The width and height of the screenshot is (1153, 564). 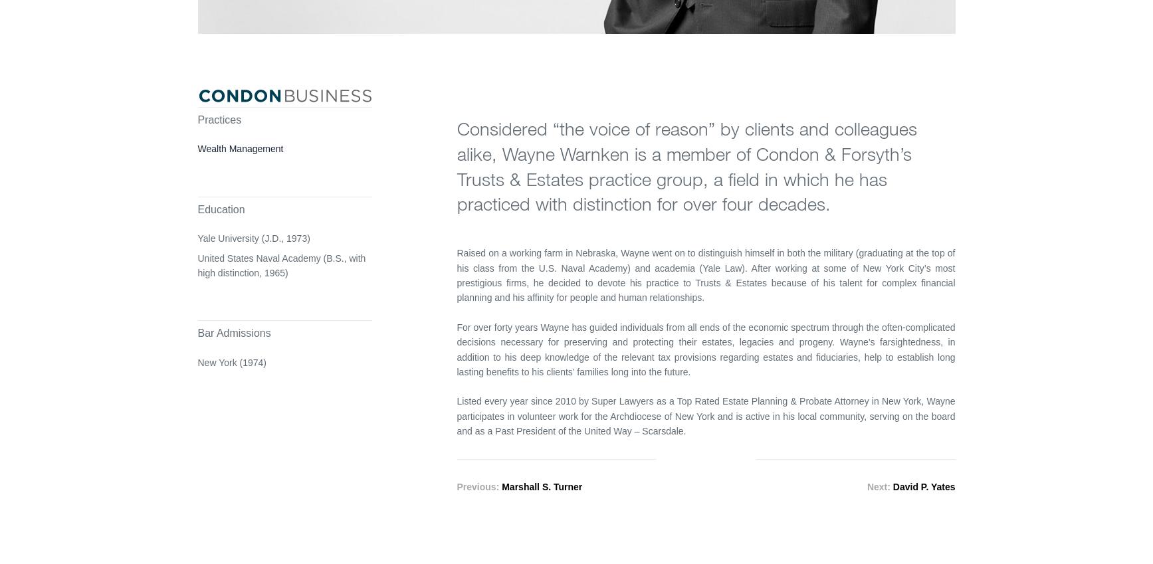 What do you see at coordinates (704, 349) in the screenshot?
I see `'For over forty years Wayne has guided individuals from all ends of the economic spectrum through the often-complicated decisions necessary for preserving and protecting their estates, legacies and progeny. Wayne’s farsightedness, in addition to his deep knowledge of the relevant tax provisions regarding estates and fiduciaries, help to establish long lasting benefits to his clients’ families long into the future.'` at bounding box center [704, 349].